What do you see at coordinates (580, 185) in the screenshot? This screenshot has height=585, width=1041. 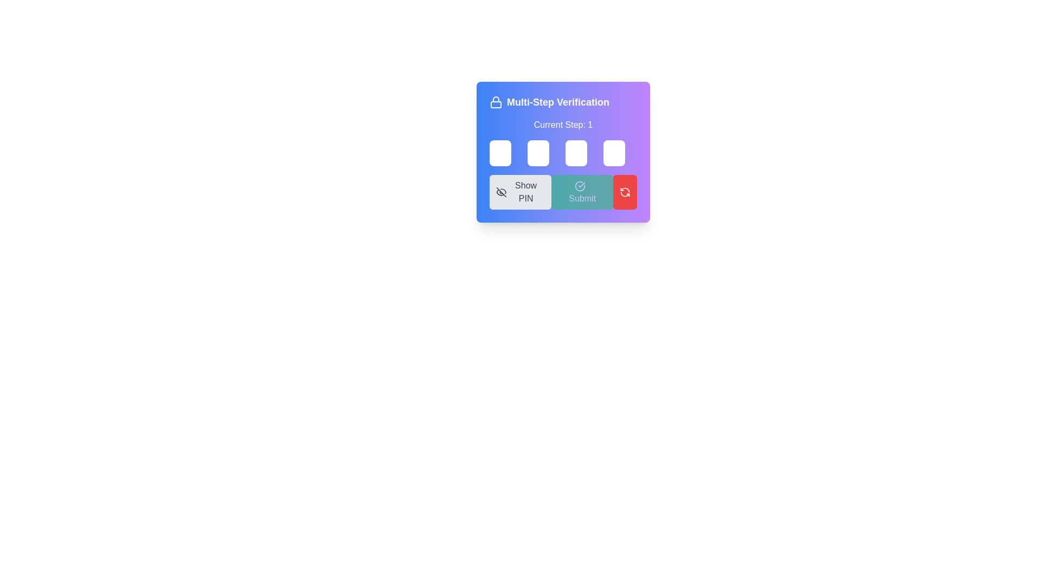 I see `the visual indicator icon within the green 'Submit' button in the multi-step verification panel to interact with it, if enabled` at bounding box center [580, 185].